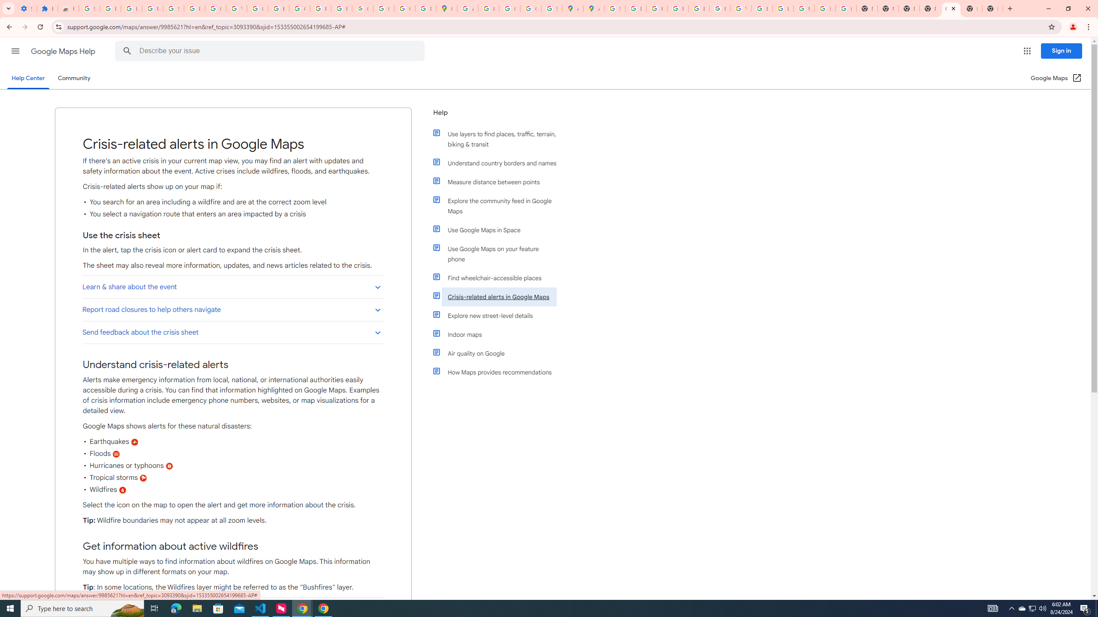 The height and width of the screenshot is (617, 1098). I want to click on 'Explore new street-level details', so click(498, 315).